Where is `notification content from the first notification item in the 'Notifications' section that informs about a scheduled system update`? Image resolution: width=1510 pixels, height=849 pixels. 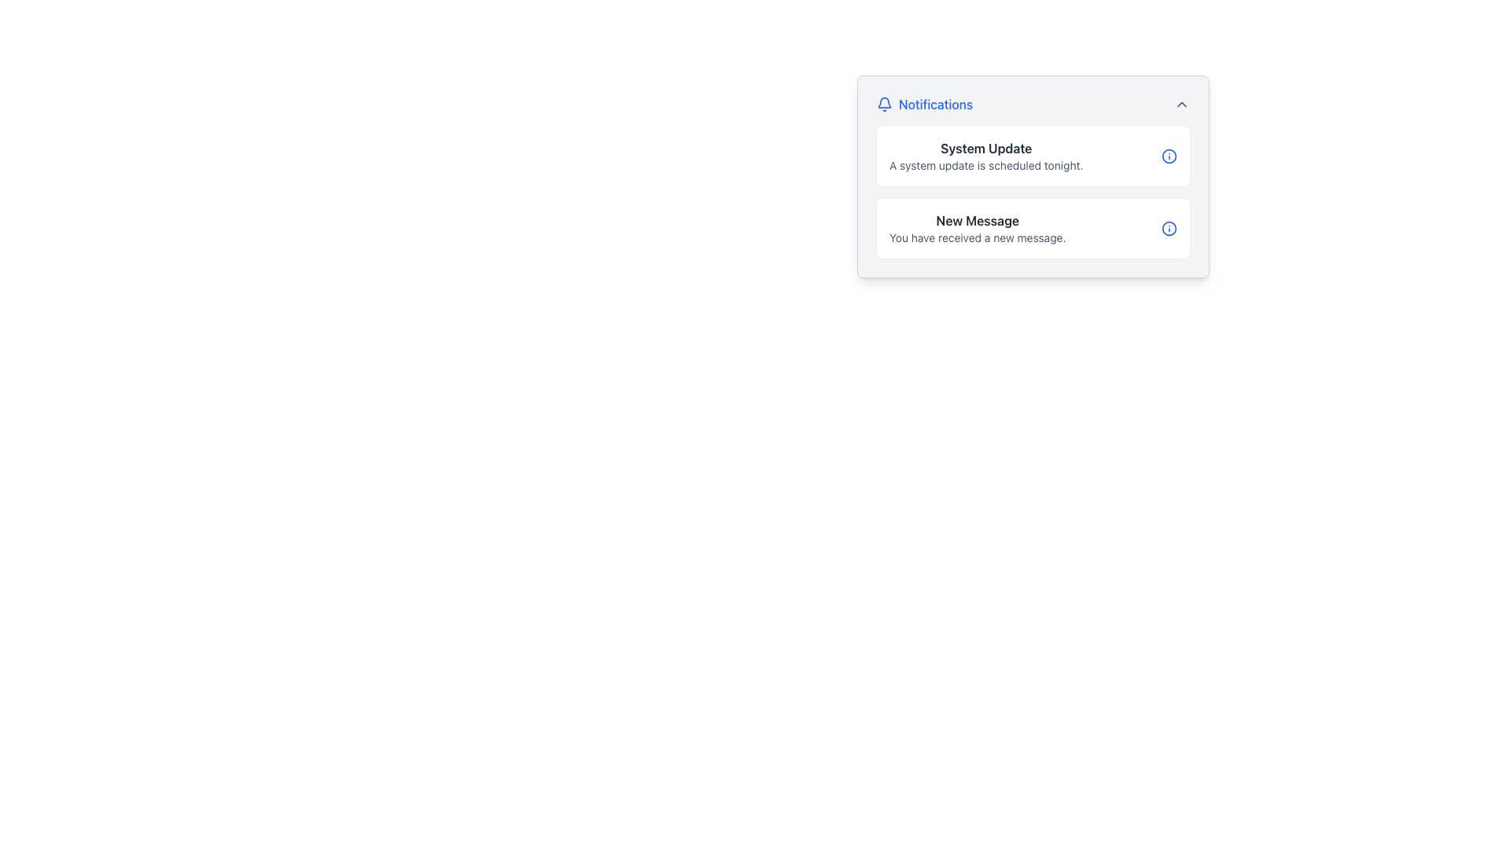
notification content from the first notification item in the 'Notifications' section that informs about a scheduled system update is located at coordinates (985, 156).